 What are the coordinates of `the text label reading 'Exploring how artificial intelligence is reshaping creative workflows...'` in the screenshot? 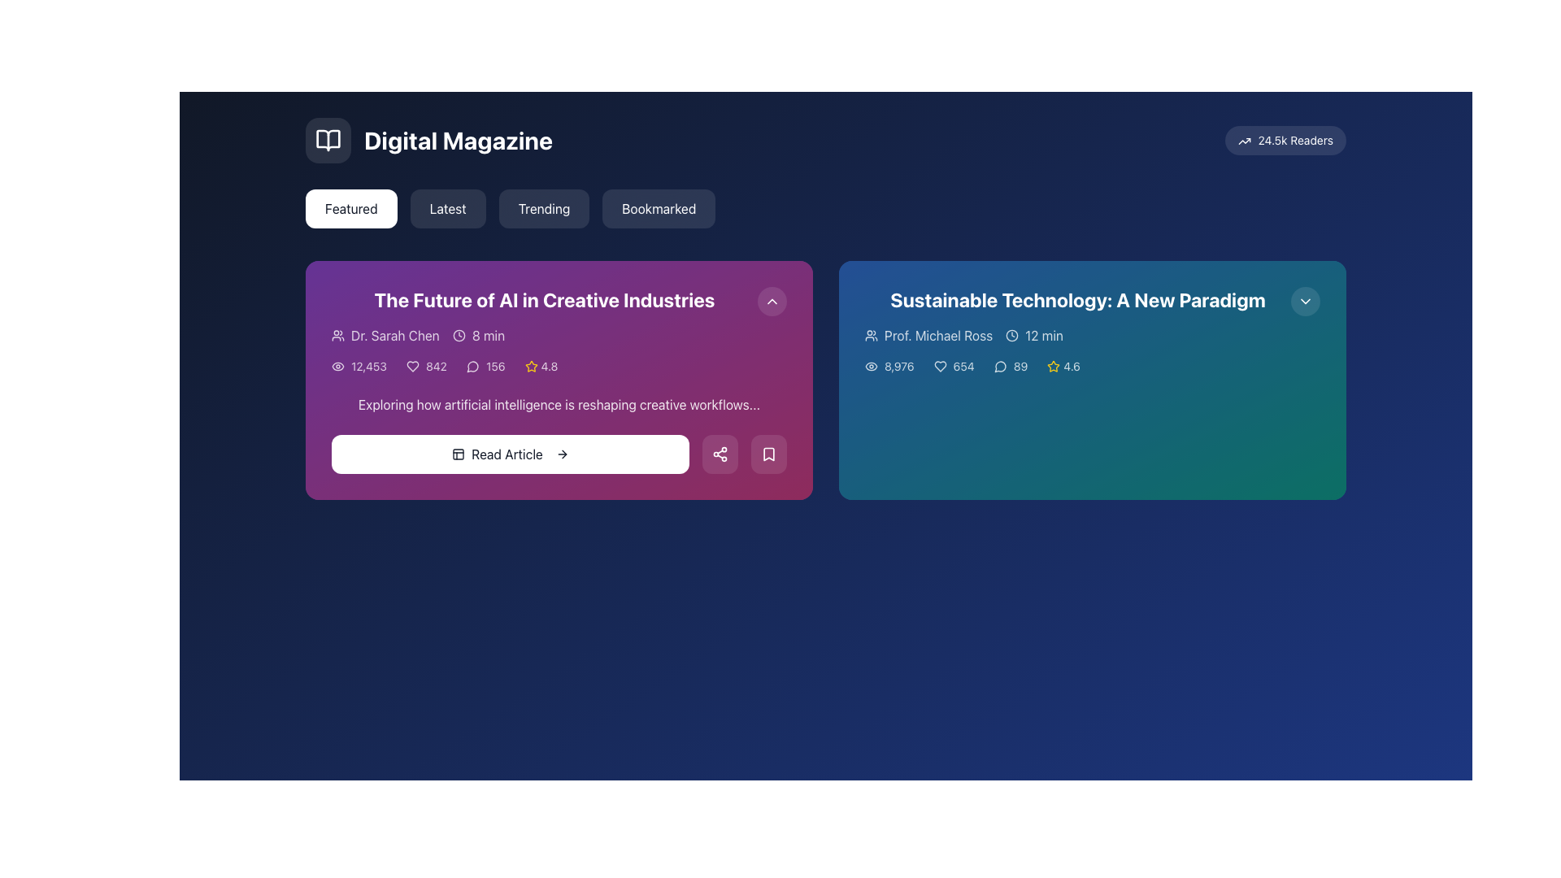 It's located at (559, 403).